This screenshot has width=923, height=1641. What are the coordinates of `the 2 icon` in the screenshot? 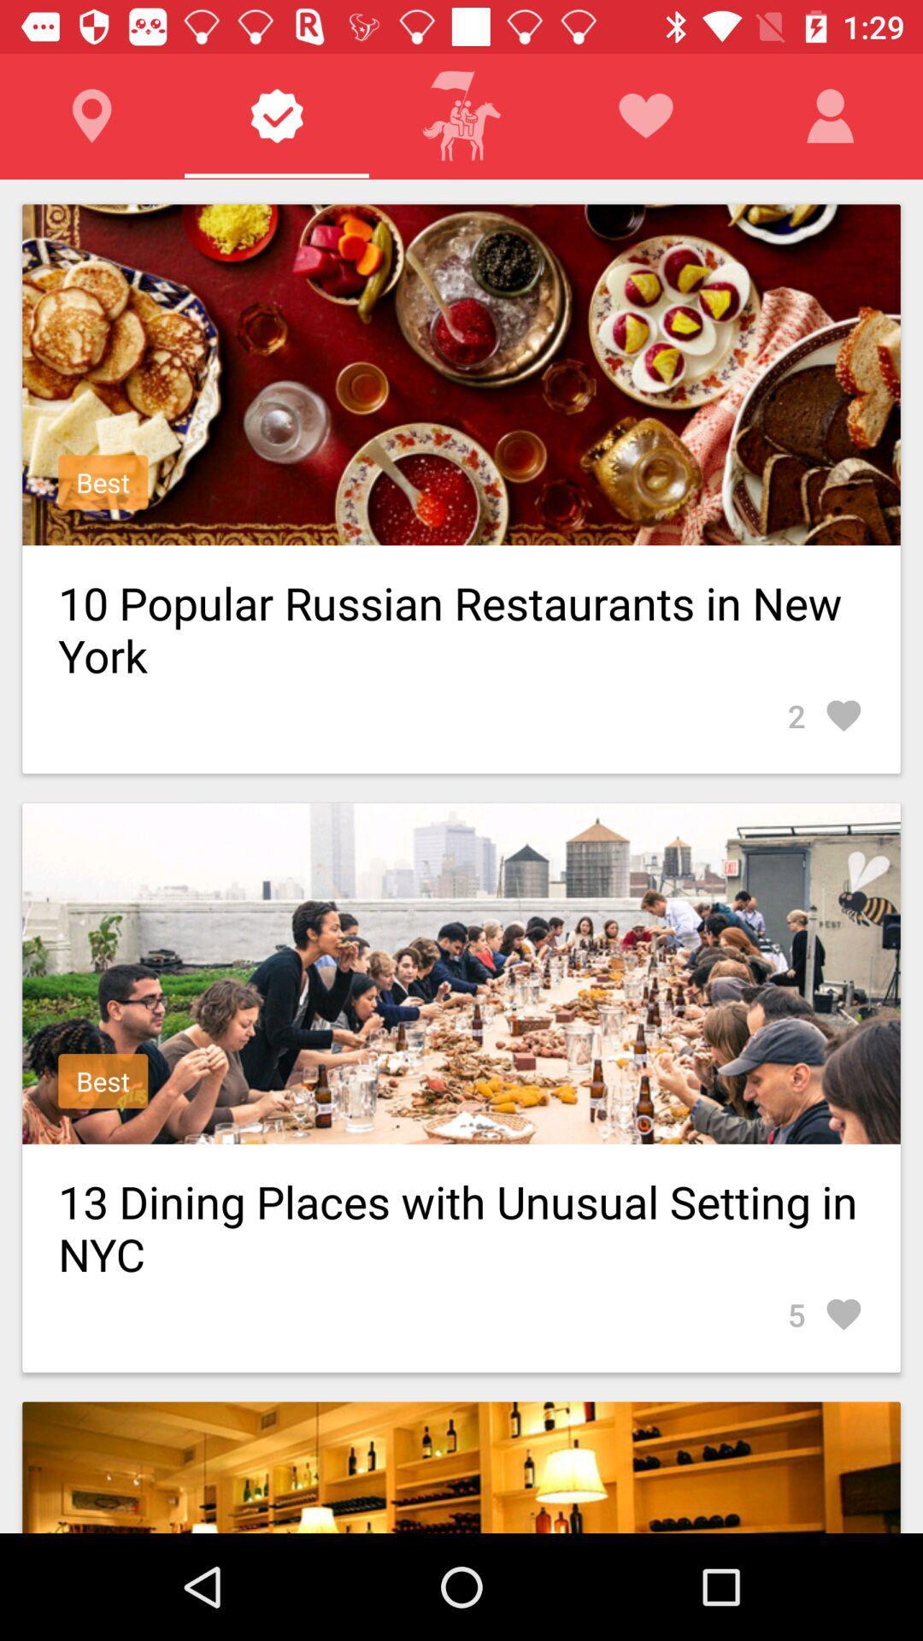 It's located at (825, 715).